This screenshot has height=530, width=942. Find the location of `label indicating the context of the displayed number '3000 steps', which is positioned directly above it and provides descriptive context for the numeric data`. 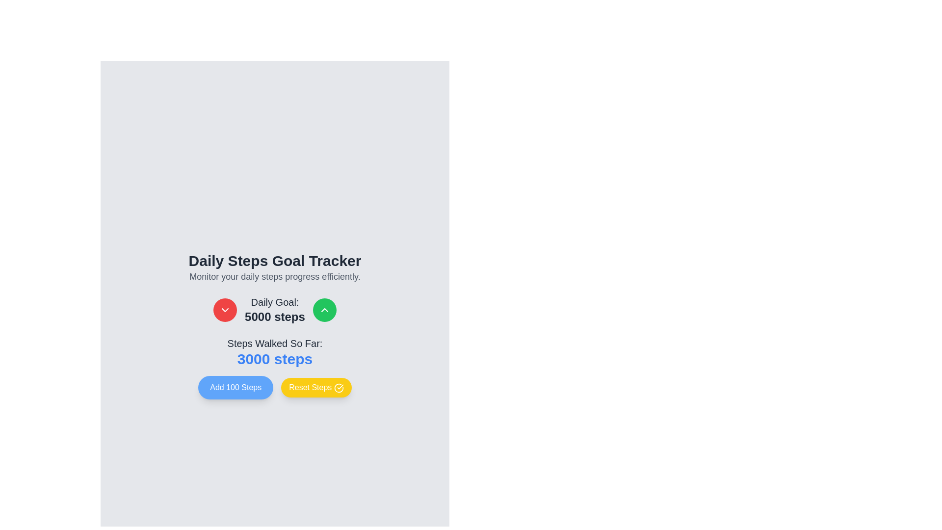

label indicating the context of the displayed number '3000 steps', which is positioned directly above it and provides descriptive context for the numeric data is located at coordinates (275, 343).